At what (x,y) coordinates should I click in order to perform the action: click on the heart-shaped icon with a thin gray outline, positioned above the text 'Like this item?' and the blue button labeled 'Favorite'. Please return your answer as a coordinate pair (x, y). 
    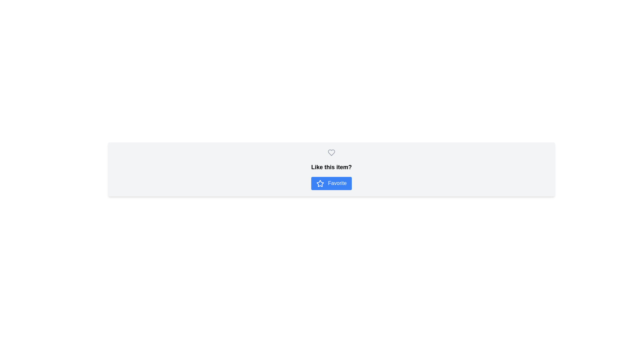
    Looking at the image, I should click on (332, 153).